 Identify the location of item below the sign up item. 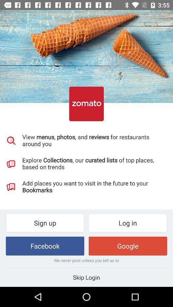
(45, 246).